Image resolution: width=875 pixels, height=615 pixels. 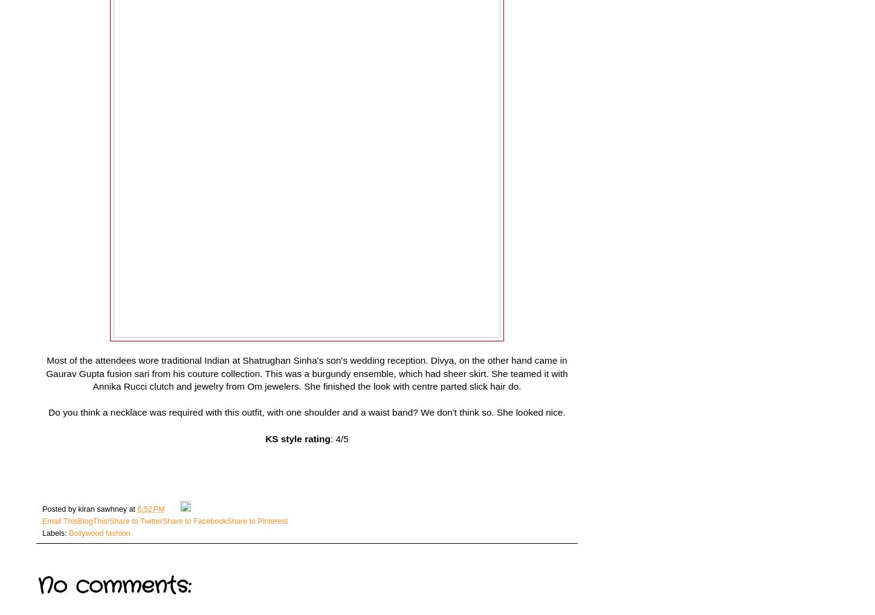 What do you see at coordinates (306, 373) in the screenshot?
I see `'Most of the attendees wore traditional Indian at Shatrughan Sinha's son's wedding reception. Divya, on the other hand came in Gaurav Gupta fusion sari from his couture collection. This was a burgundy ensemble, which had sheer skirt. She teamed it with Annika Rucci clutch and jewelry from Om jewelers. She finished the look with centre parted slick hair do.'` at bounding box center [306, 373].